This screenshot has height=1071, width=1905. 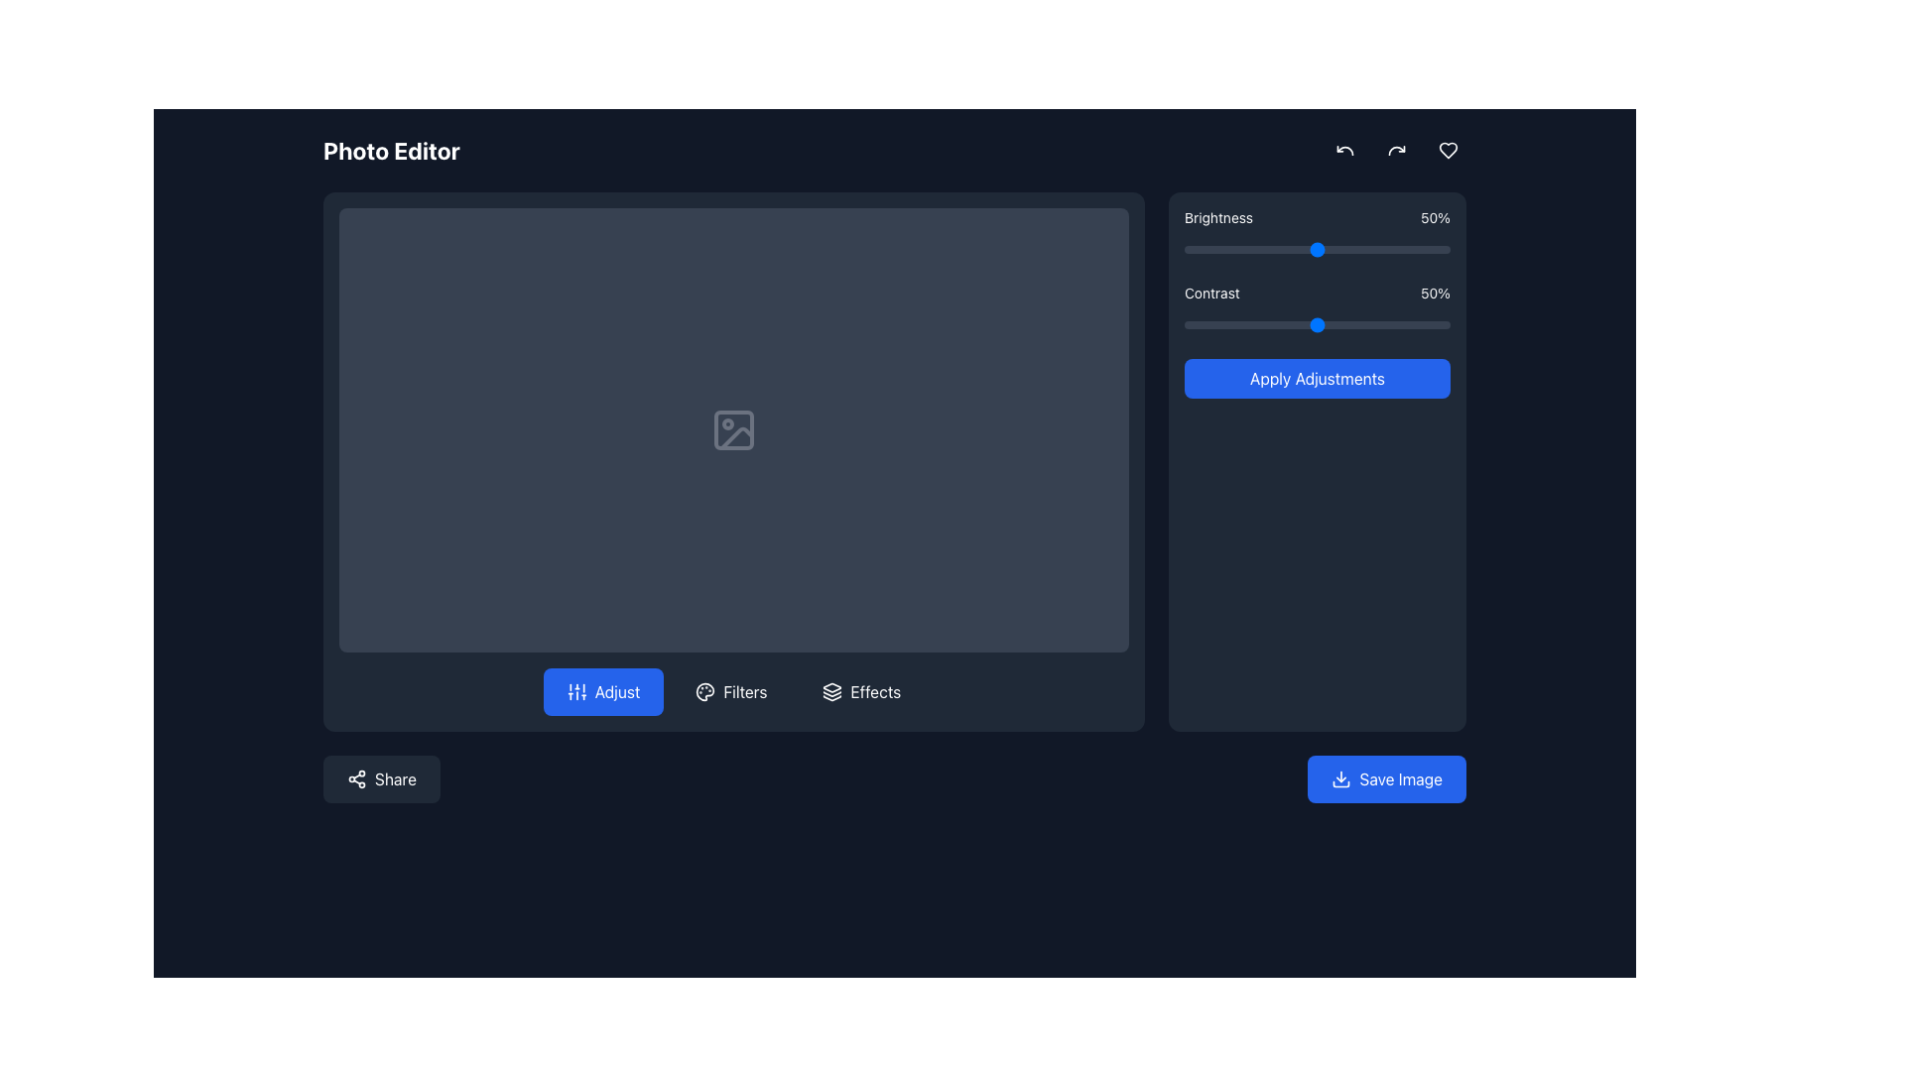 I want to click on the share icon located to the left of the 'Share' text near the bottom-left of the interface, so click(x=357, y=777).